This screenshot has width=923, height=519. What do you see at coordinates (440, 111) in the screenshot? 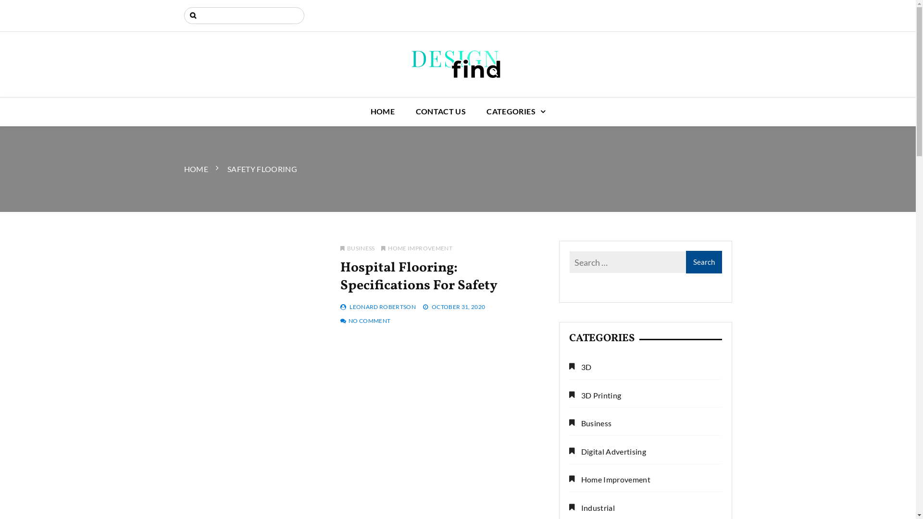
I see `'CONTACT US'` at bounding box center [440, 111].